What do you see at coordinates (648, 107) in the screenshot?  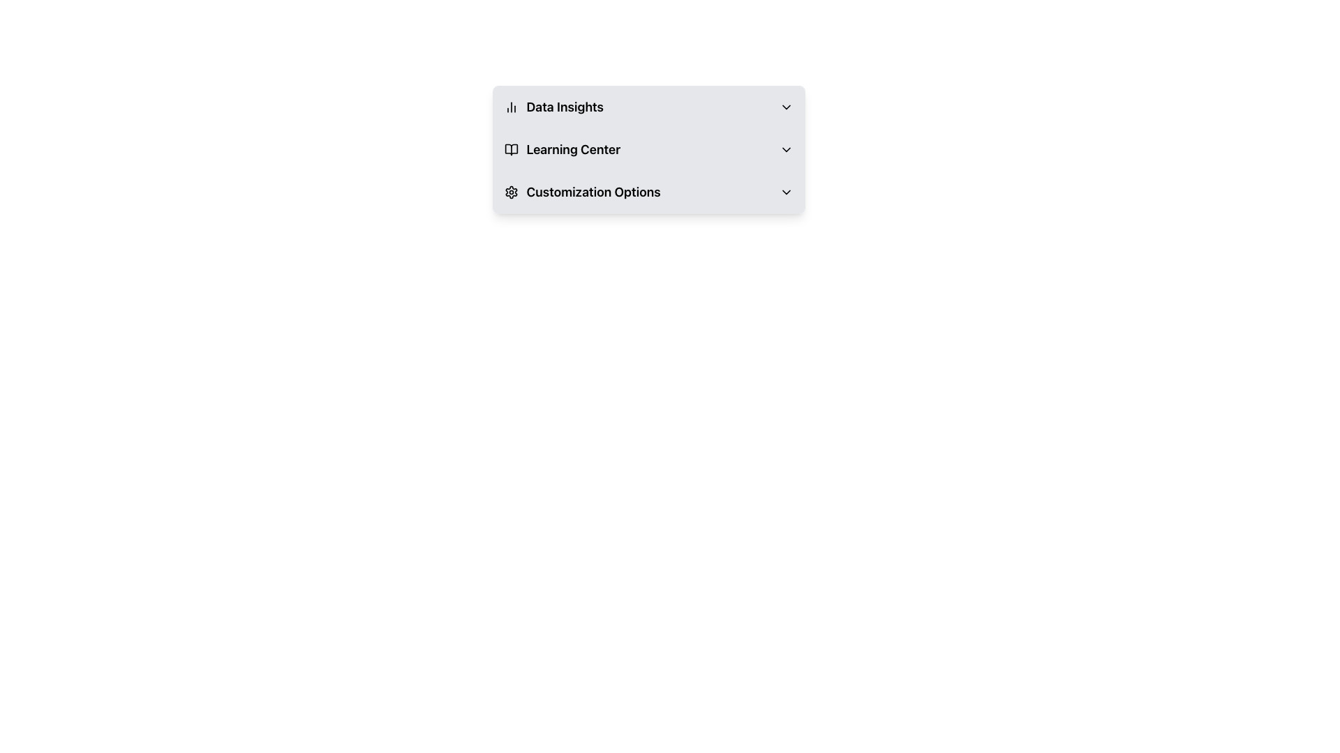 I see `the Collapsible menu header for accessibility navigation` at bounding box center [648, 107].